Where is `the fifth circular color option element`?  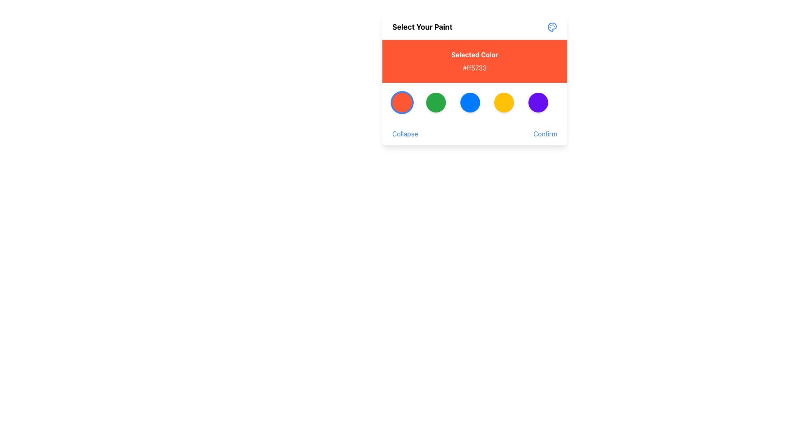
the fifth circular color option element is located at coordinates (538, 102).